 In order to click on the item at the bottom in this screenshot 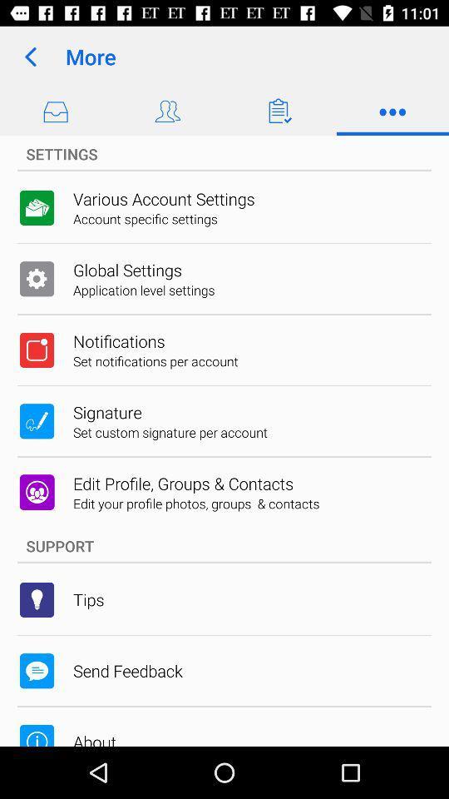, I will do `click(224, 545)`.